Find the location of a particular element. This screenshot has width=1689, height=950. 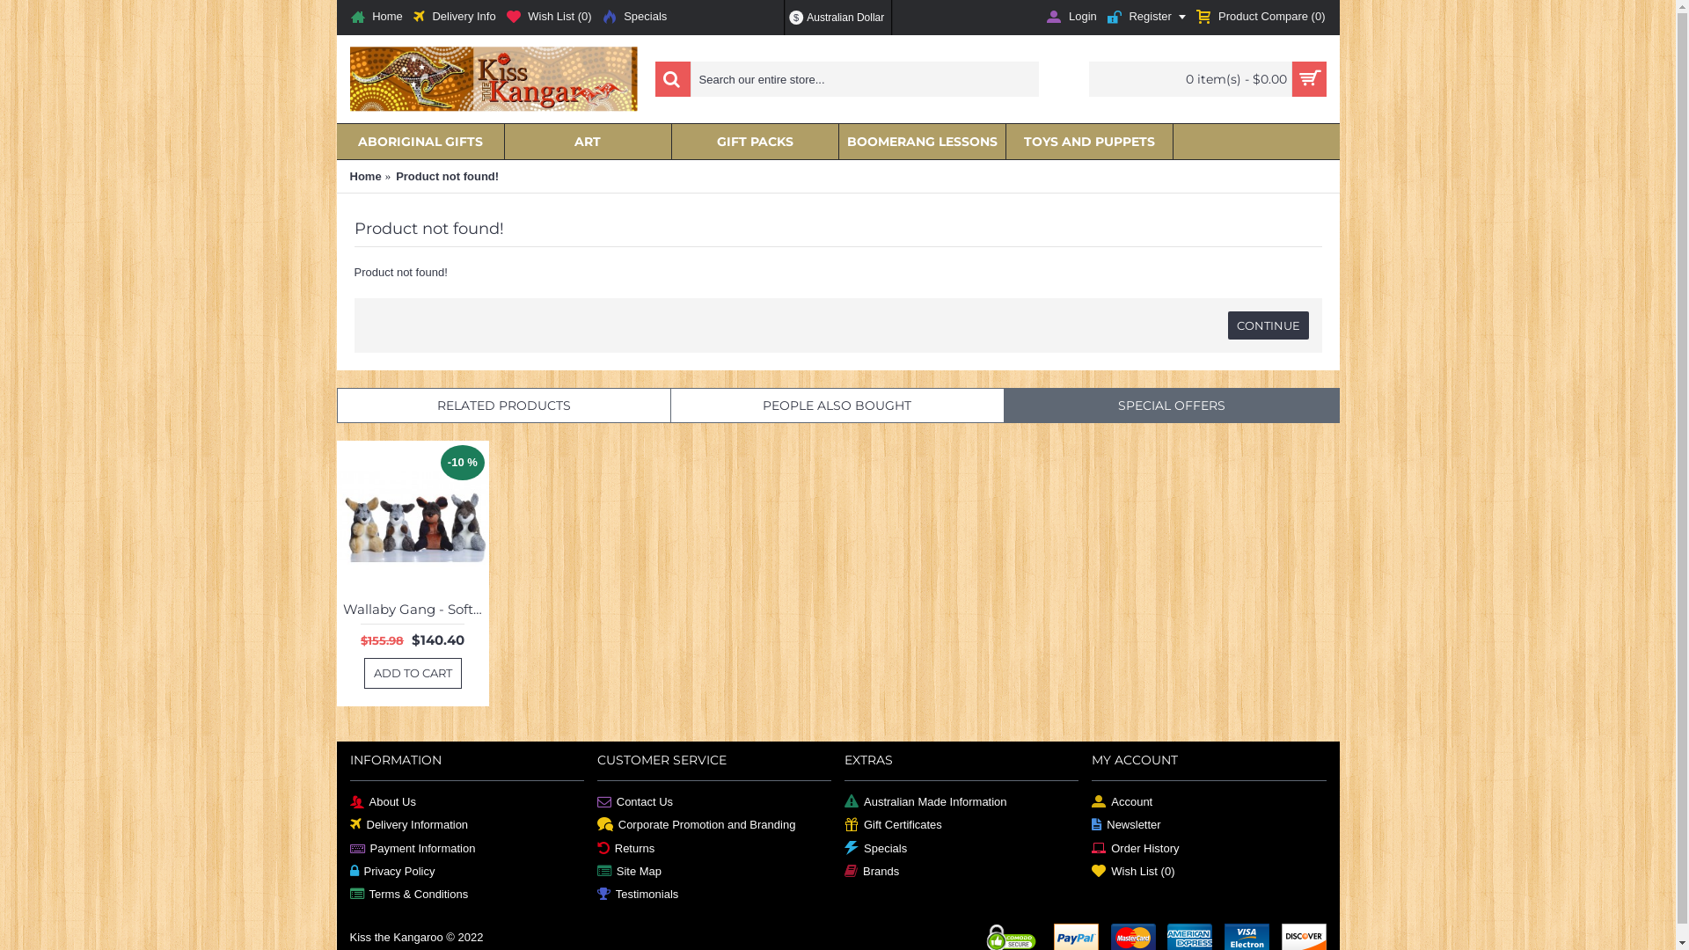

'ADD TO CART' is located at coordinates (412, 673).